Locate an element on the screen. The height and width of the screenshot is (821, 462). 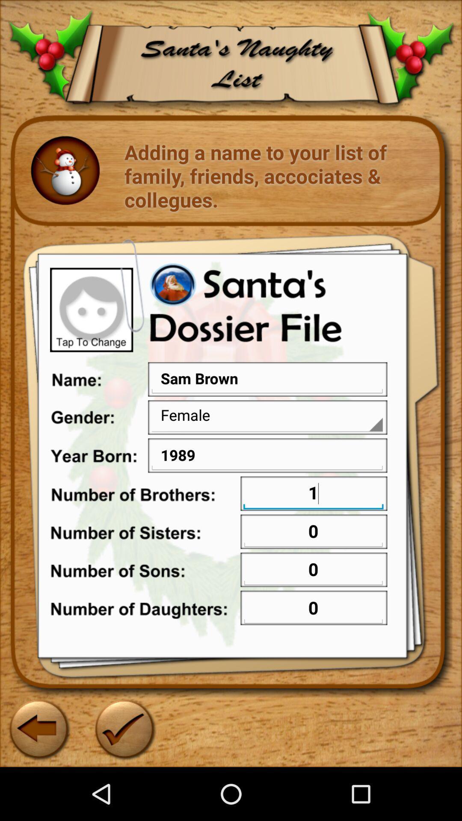
the text field on the right next to the text number of brotherson the web page is located at coordinates (313, 494).